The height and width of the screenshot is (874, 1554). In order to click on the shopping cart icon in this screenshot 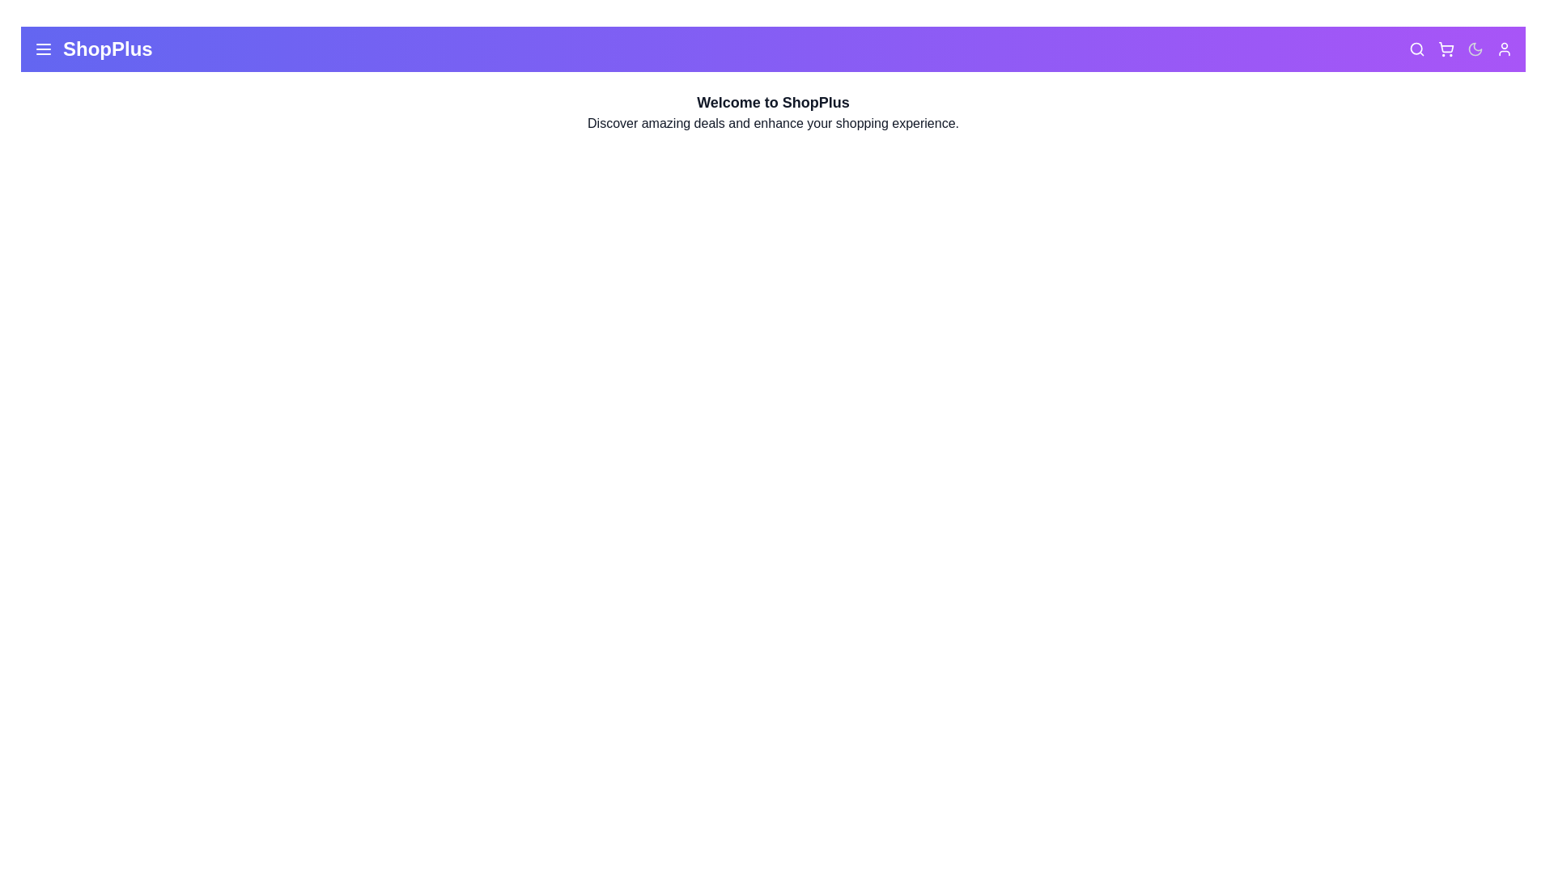, I will do `click(1446, 49)`.